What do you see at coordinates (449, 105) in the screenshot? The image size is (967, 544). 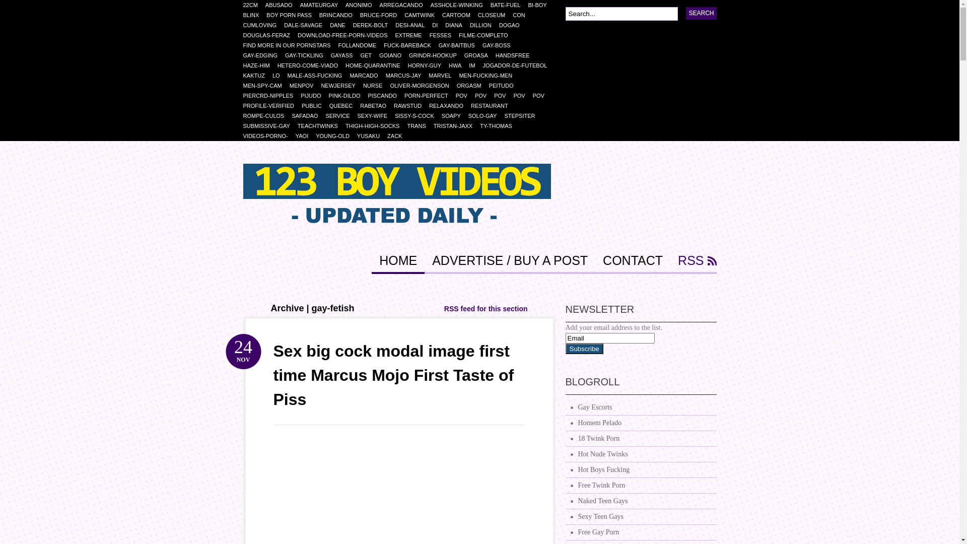 I see `'RELAXANDO'` at bounding box center [449, 105].